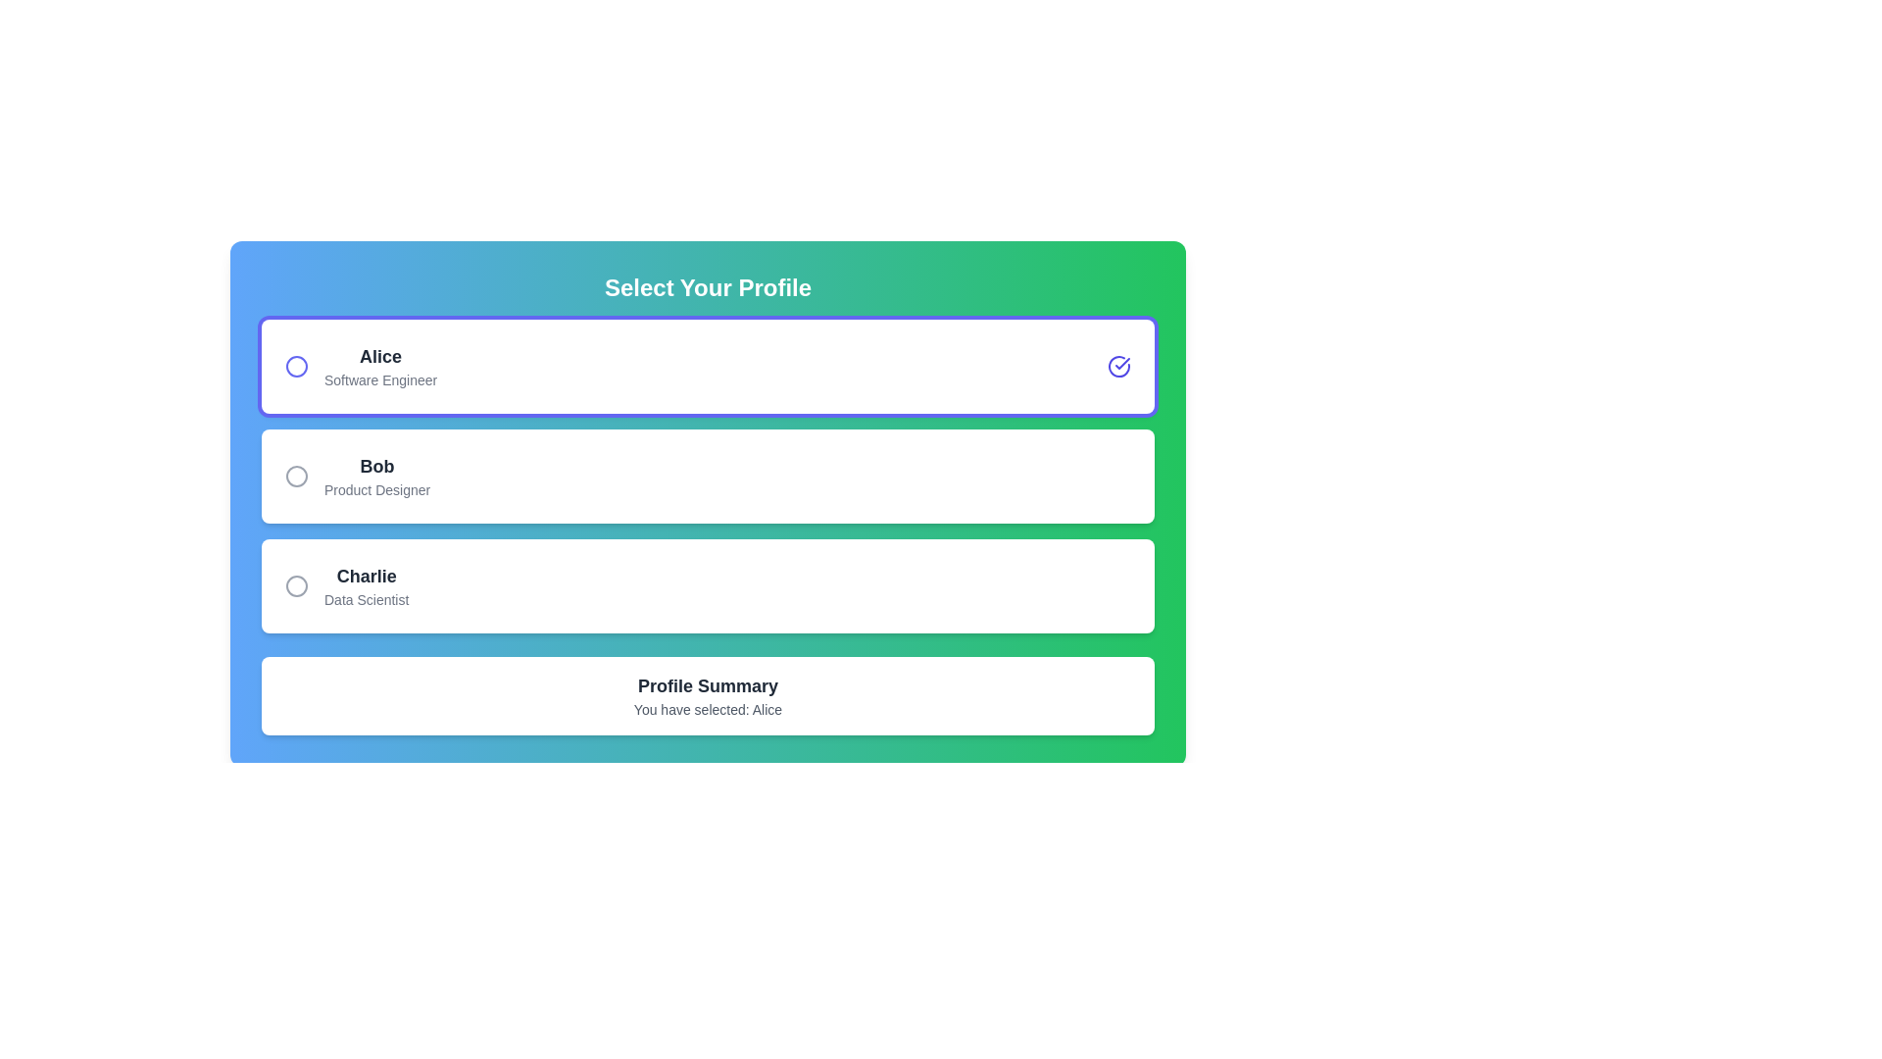 The width and height of the screenshot is (1882, 1059). I want to click on the confirmation icon located at the far right of Alice's profile card for visual highlights, so click(1119, 367).